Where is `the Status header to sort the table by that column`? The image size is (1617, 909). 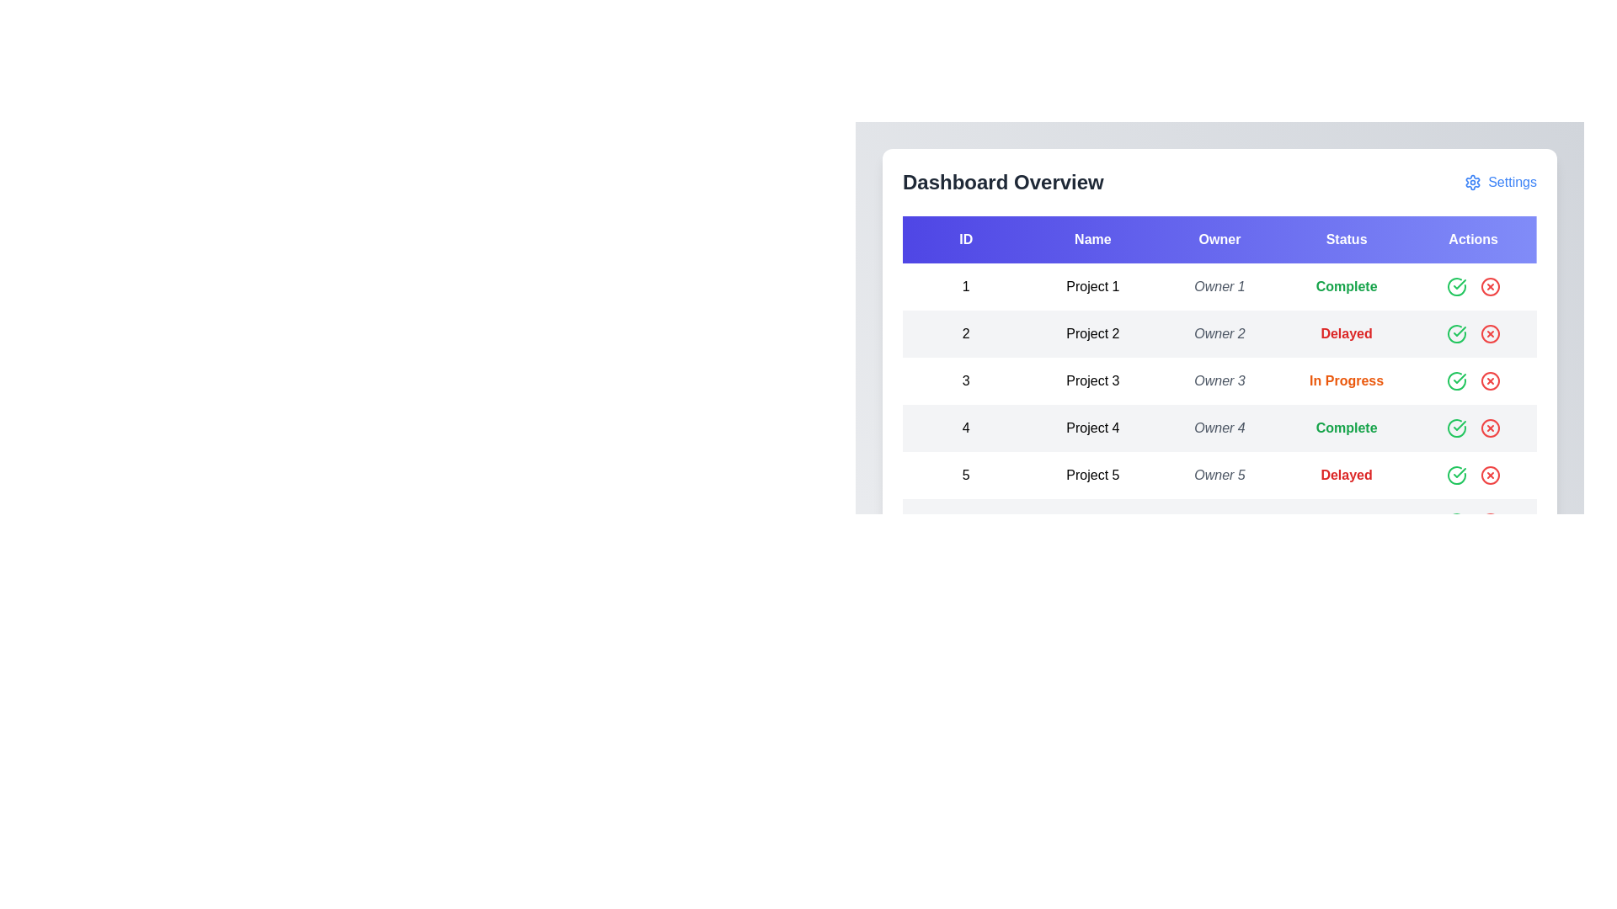 the Status header to sort the table by that column is located at coordinates (1346, 240).